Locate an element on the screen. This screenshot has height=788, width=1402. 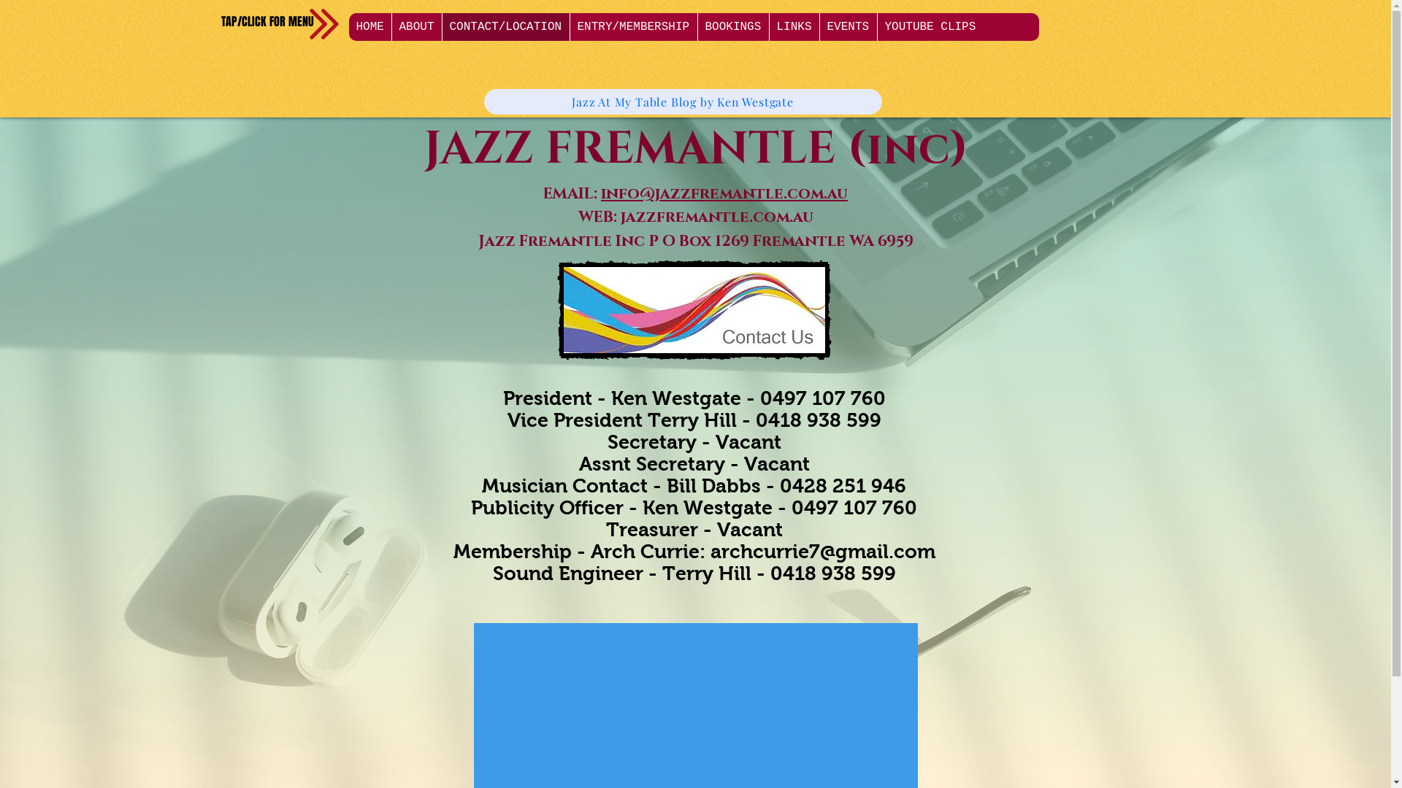
'Jazz At My Table Blog by Ken Westgate' is located at coordinates (681, 101).